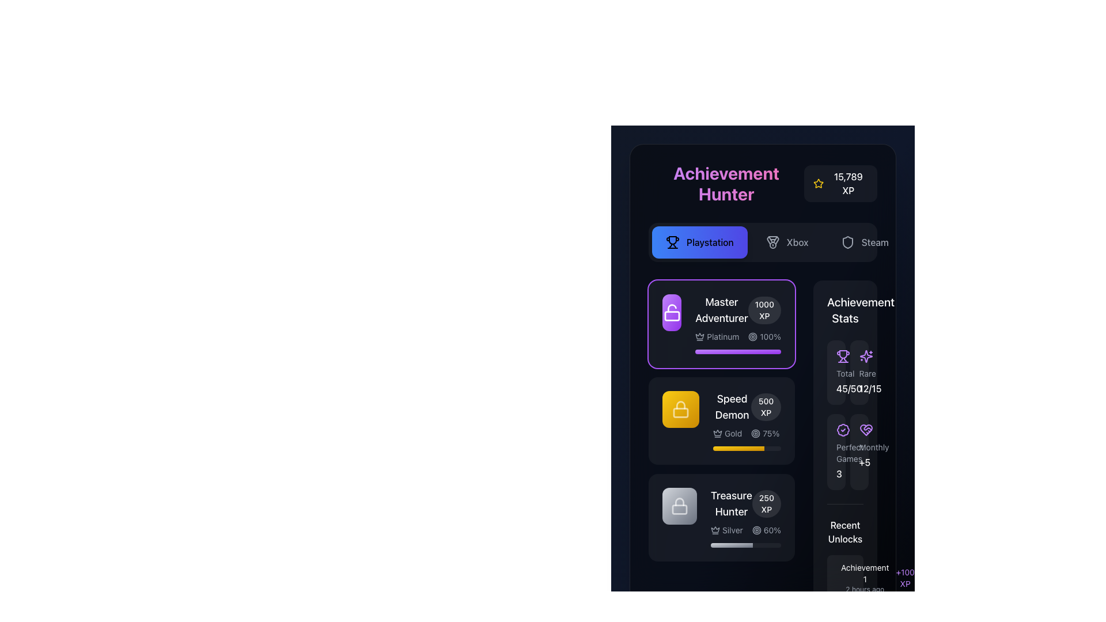  Describe the element at coordinates (866, 430) in the screenshot. I see `the achievement icon located within the 'Monthly +5' section on the right panel, which features a rounded layout and subtle opacity effect` at that location.